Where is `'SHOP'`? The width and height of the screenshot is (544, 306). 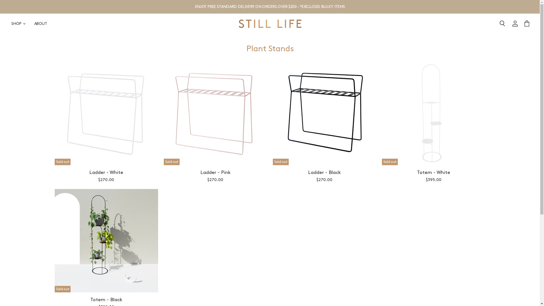
'SHOP' is located at coordinates (18, 24).